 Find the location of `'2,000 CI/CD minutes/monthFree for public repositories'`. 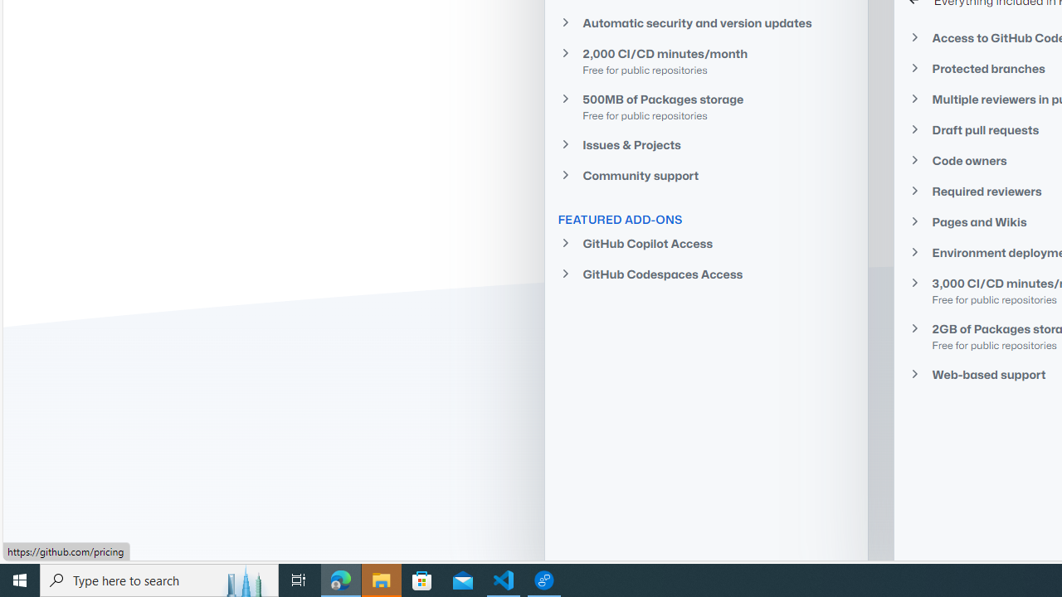

'2,000 CI/CD minutes/monthFree for public repositories' is located at coordinates (706, 60).